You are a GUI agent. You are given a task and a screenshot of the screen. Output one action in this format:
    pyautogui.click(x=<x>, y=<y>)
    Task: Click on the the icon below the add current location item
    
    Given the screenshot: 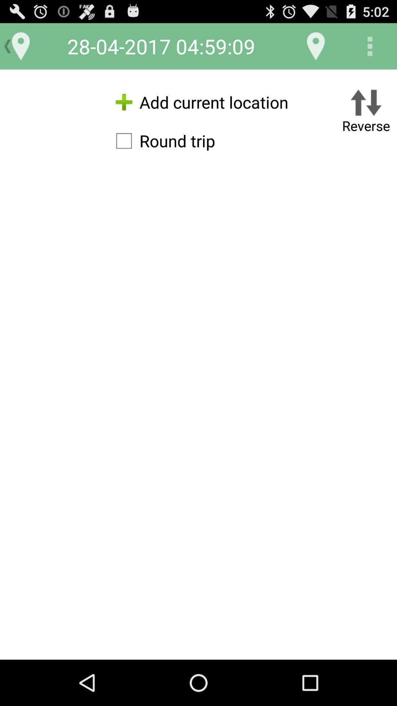 What is the action you would take?
    pyautogui.click(x=161, y=141)
    